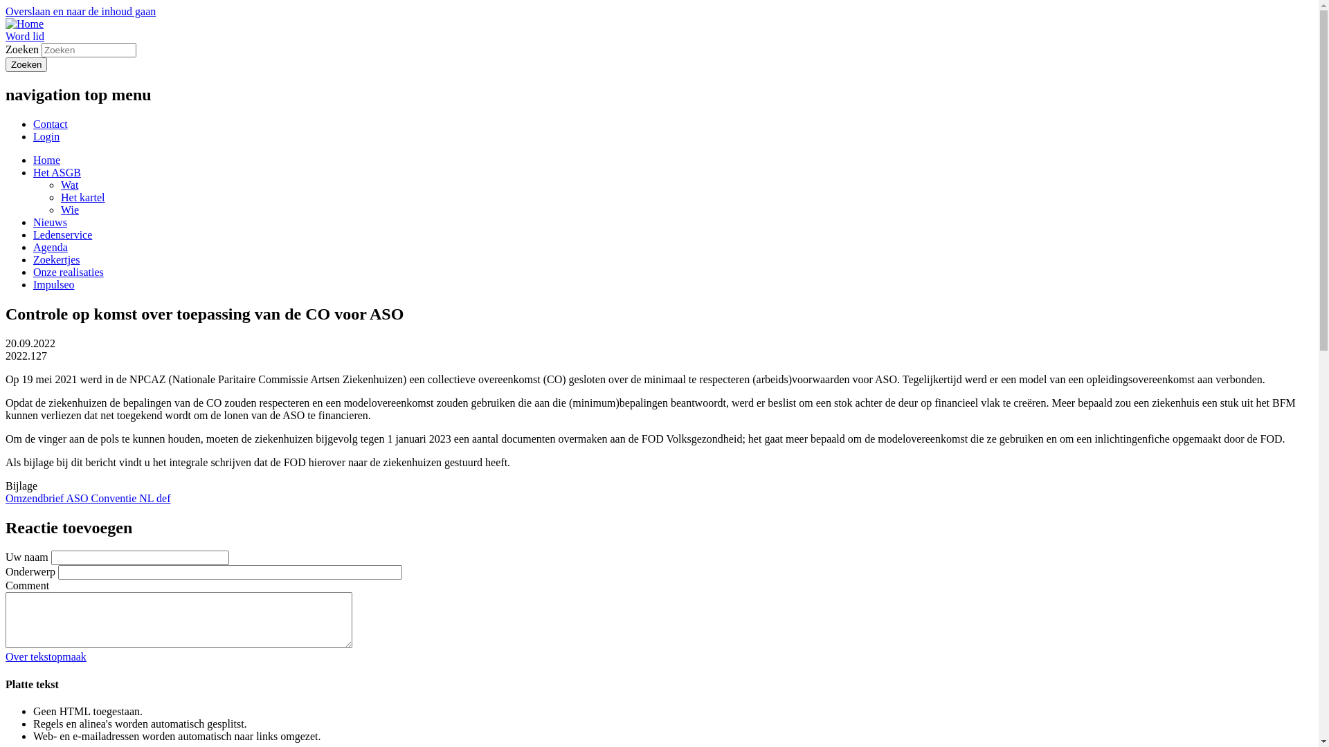 This screenshot has width=1329, height=747. What do you see at coordinates (33, 221) in the screenshot?
I see `'Nieuws'` at bounding box center [33, 221].